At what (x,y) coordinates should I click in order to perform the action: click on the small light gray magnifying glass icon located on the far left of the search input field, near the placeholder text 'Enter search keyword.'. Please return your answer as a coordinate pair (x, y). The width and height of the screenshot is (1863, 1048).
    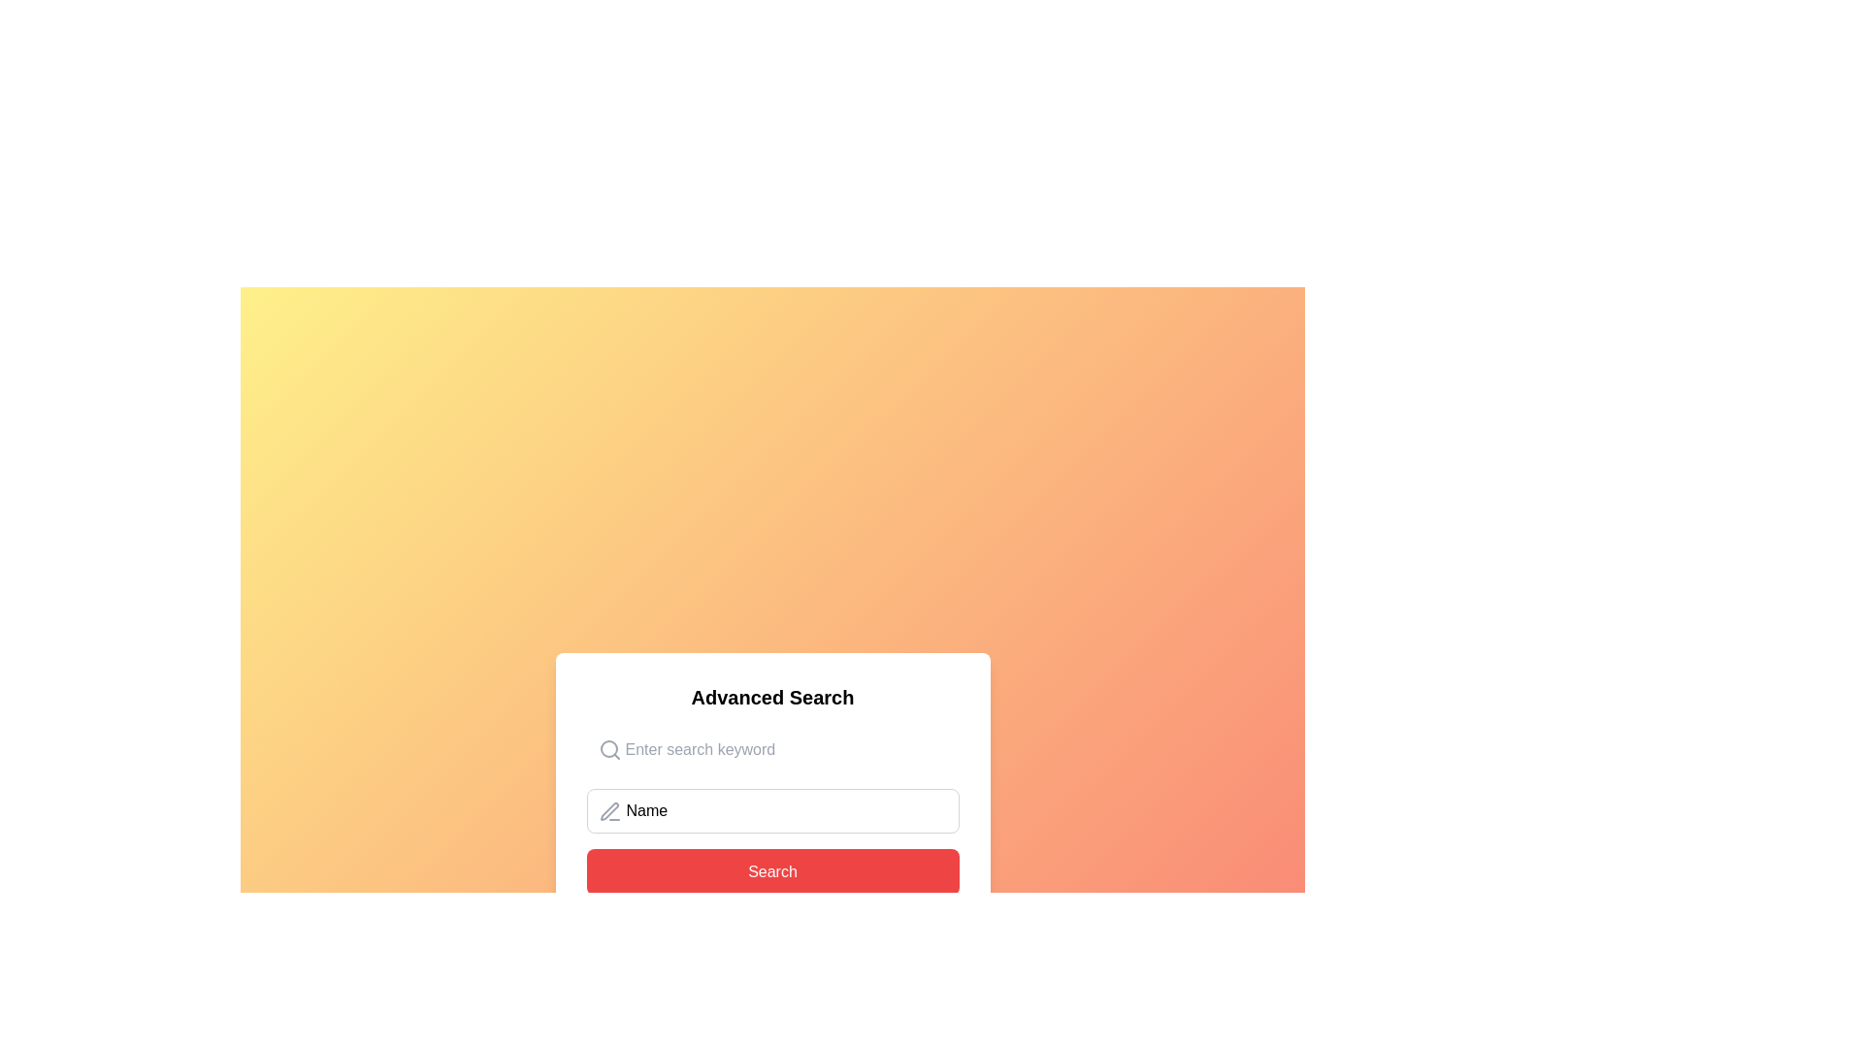
    Looking at the image, I should click on (608, 748).